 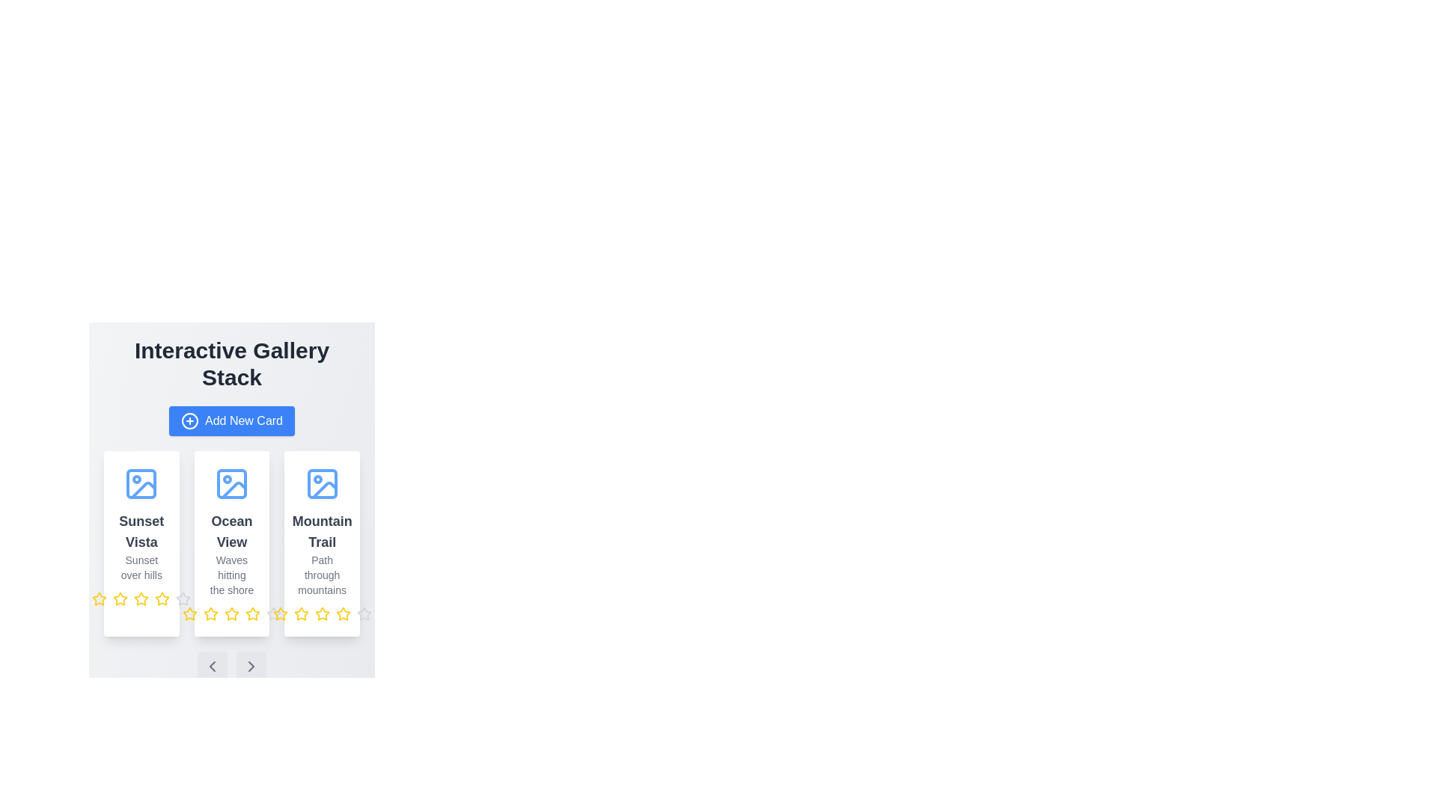 I want to click on the Navigation controls for the carousel or image gallery using keyboard navigation, so click(x=231, y=666).